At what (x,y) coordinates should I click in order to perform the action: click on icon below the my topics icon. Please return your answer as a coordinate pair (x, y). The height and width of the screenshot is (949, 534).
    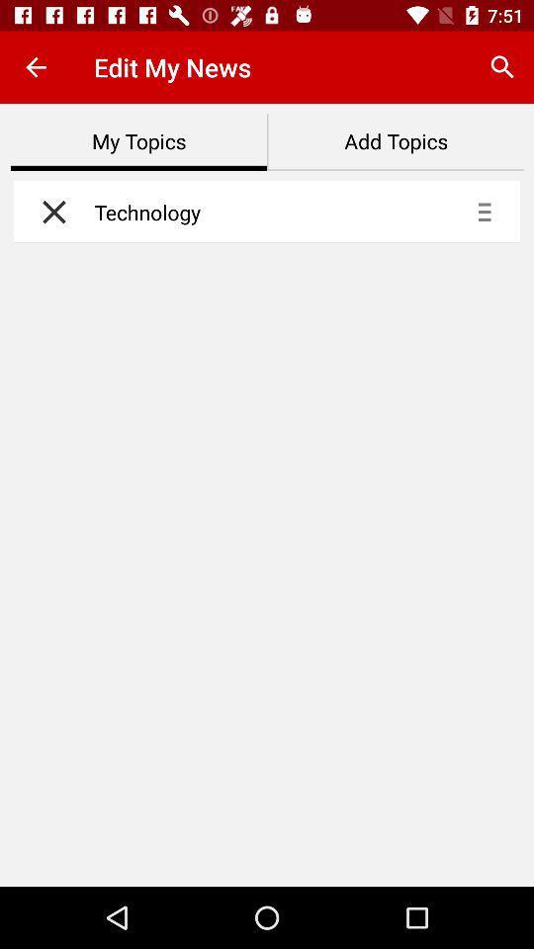
    Looking at the image, I should click on (48, 212).